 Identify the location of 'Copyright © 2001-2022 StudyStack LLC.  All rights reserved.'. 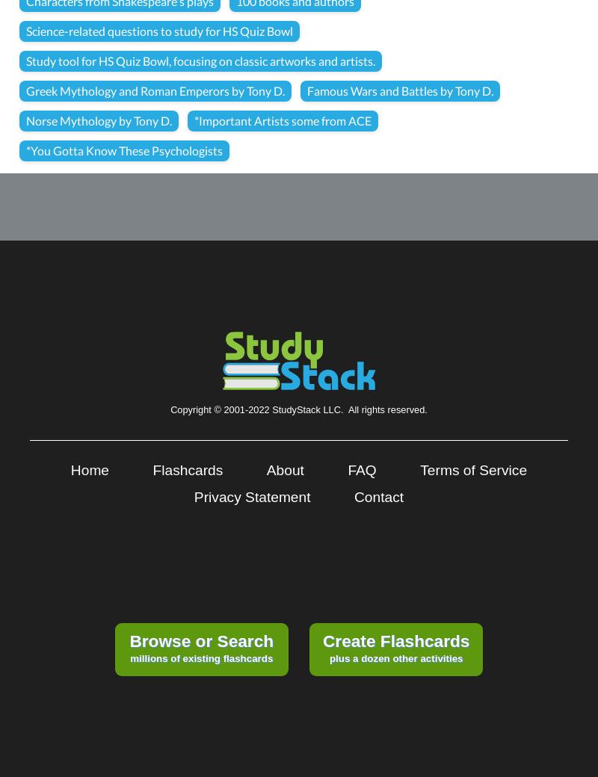
(298, 409).